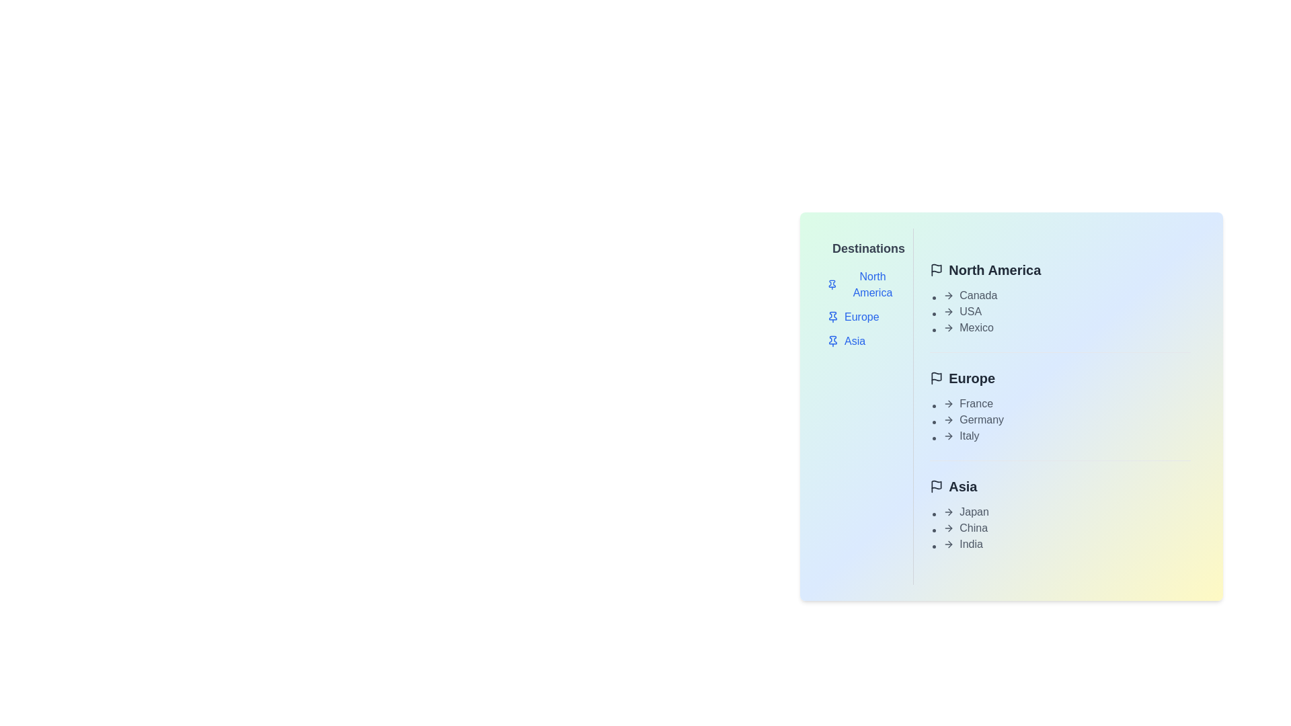 The height and width of the screenshot is (726, 1291). What do you see at coordinates (948, 328) in the screenshot?
I see `the rightward-facing arrow icon next to the text 'Mexico' in the 'North America' section of the UI` at bounding box center [948, 328].